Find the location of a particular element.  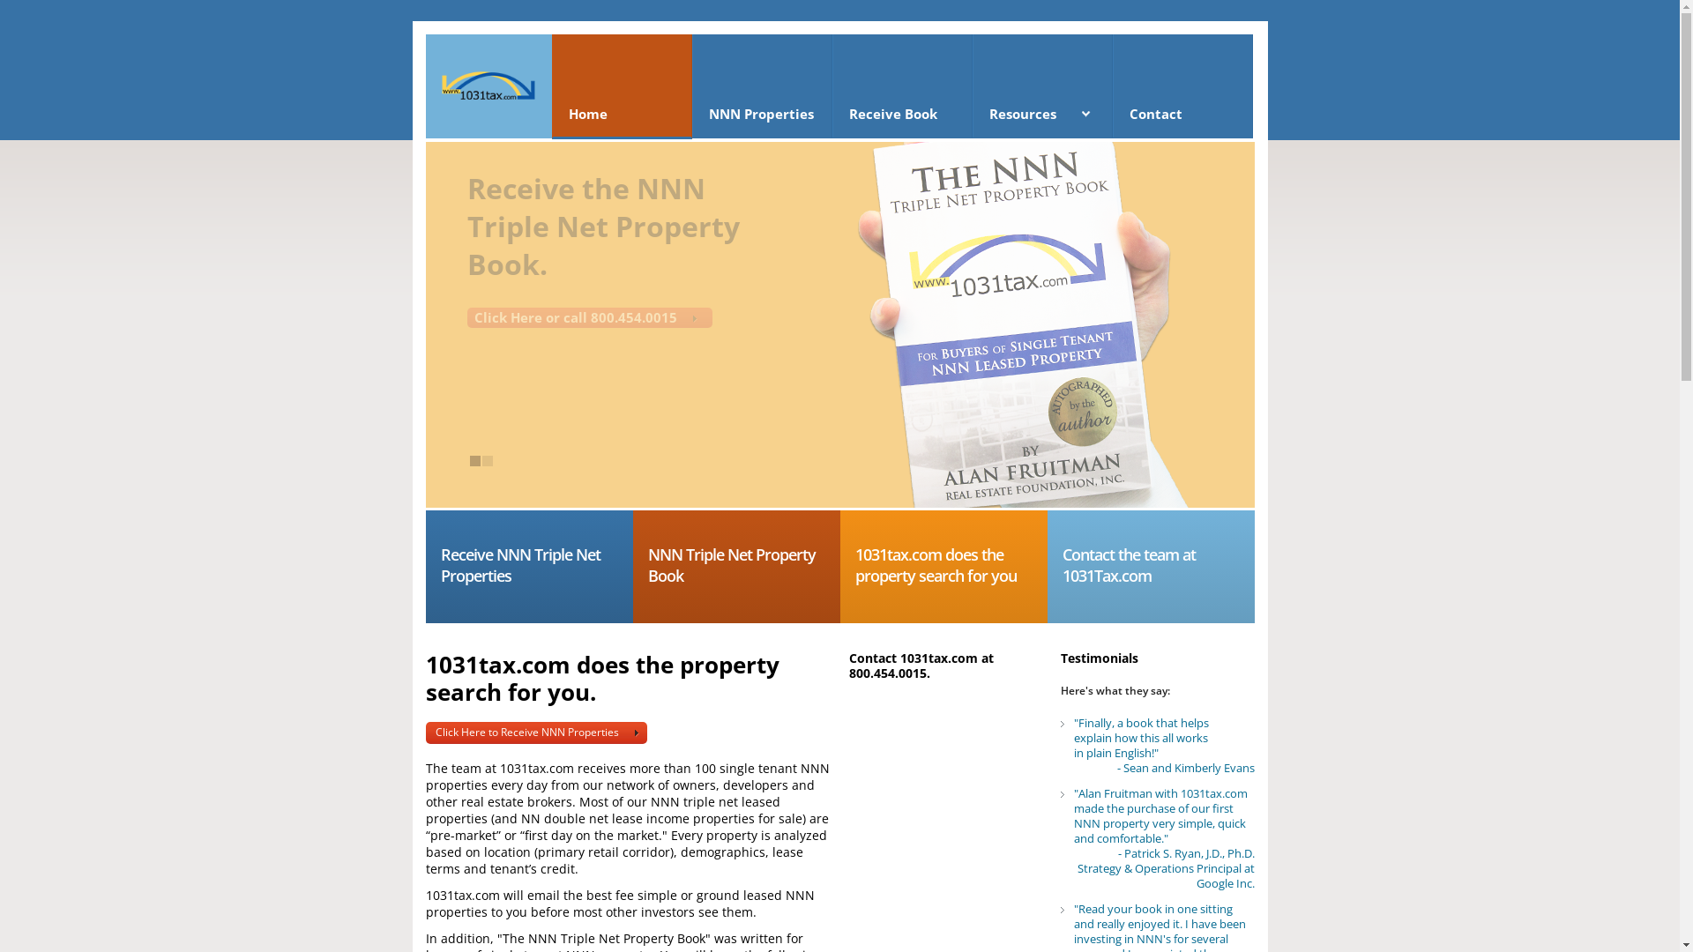

'Contact' is located at coordinates (1182, 86).